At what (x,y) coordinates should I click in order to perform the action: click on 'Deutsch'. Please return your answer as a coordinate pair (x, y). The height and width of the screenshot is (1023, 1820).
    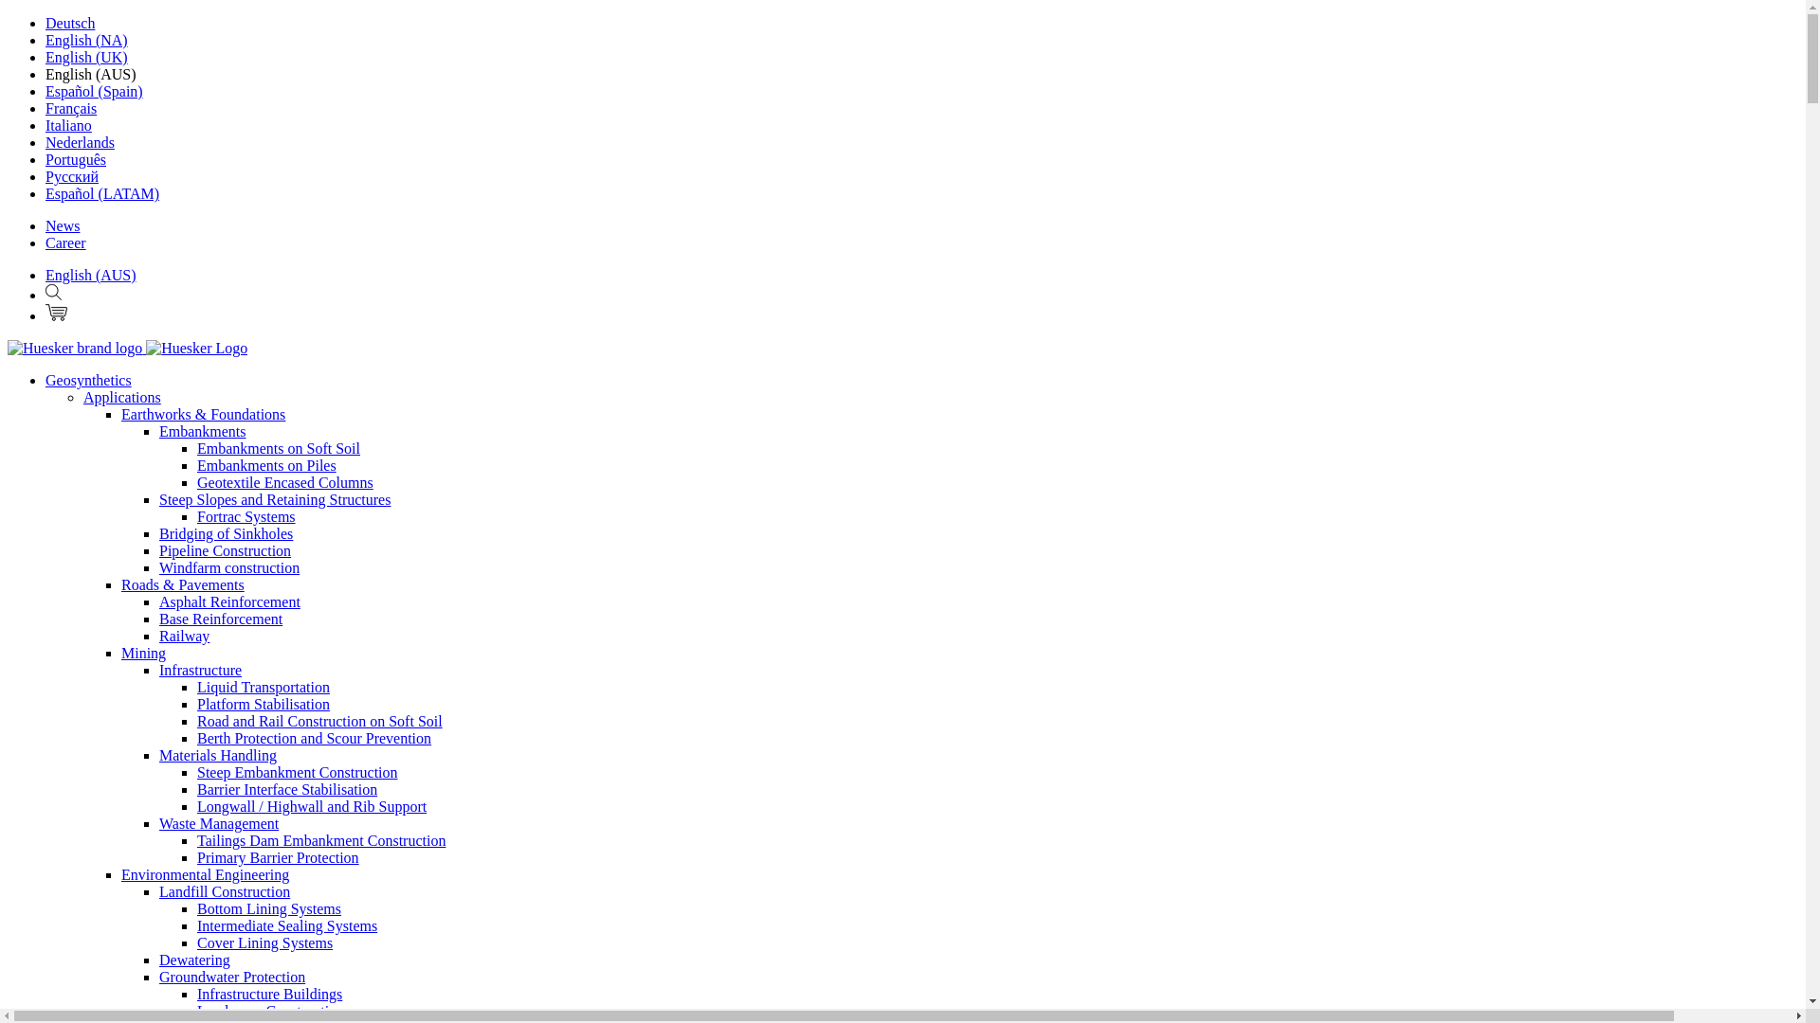
    Looking at the image, I should click on (69, 23).